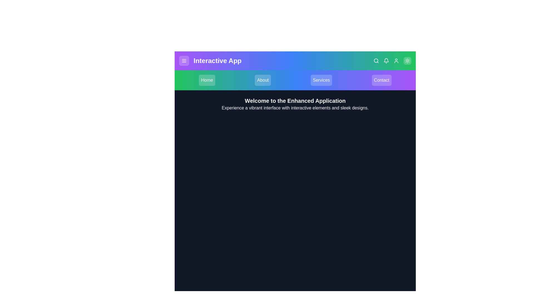 The height and width of the screenshot is (300, 534). I want to click on the Search icon, so click(376, 61).